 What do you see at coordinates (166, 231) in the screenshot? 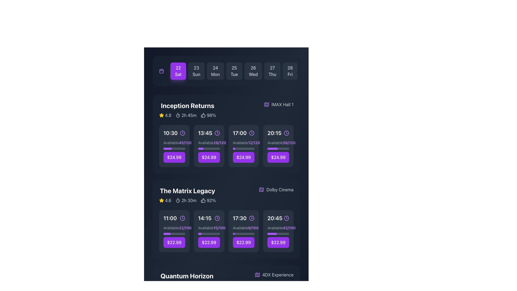
I see `the sofa outline icon located within the 'Select Seats' button, which is styled with a purple background and positioned towards the bottom-right of the viewable area` at bounding box center [166, 231].